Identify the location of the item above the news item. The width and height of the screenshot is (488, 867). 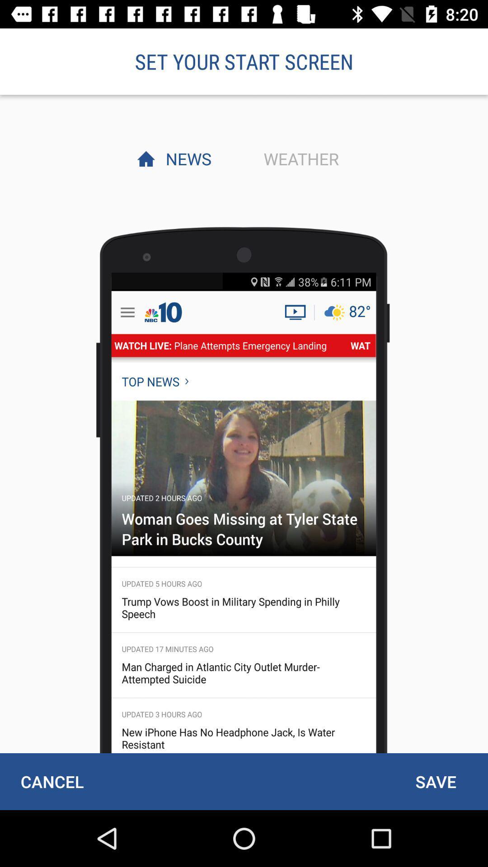
(244, 61).